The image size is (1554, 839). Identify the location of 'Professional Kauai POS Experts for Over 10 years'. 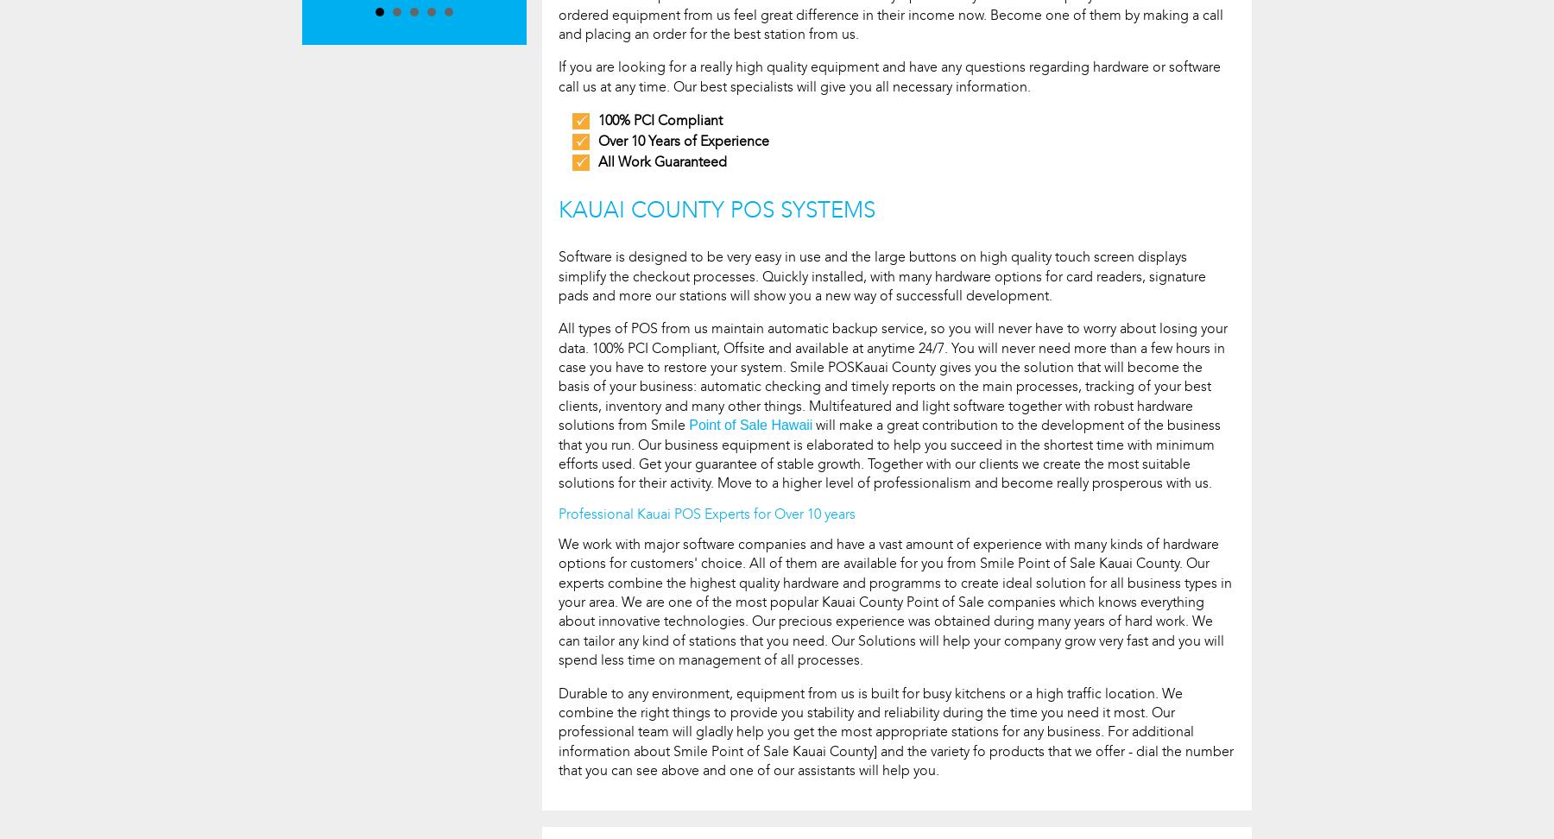
(707, 512).